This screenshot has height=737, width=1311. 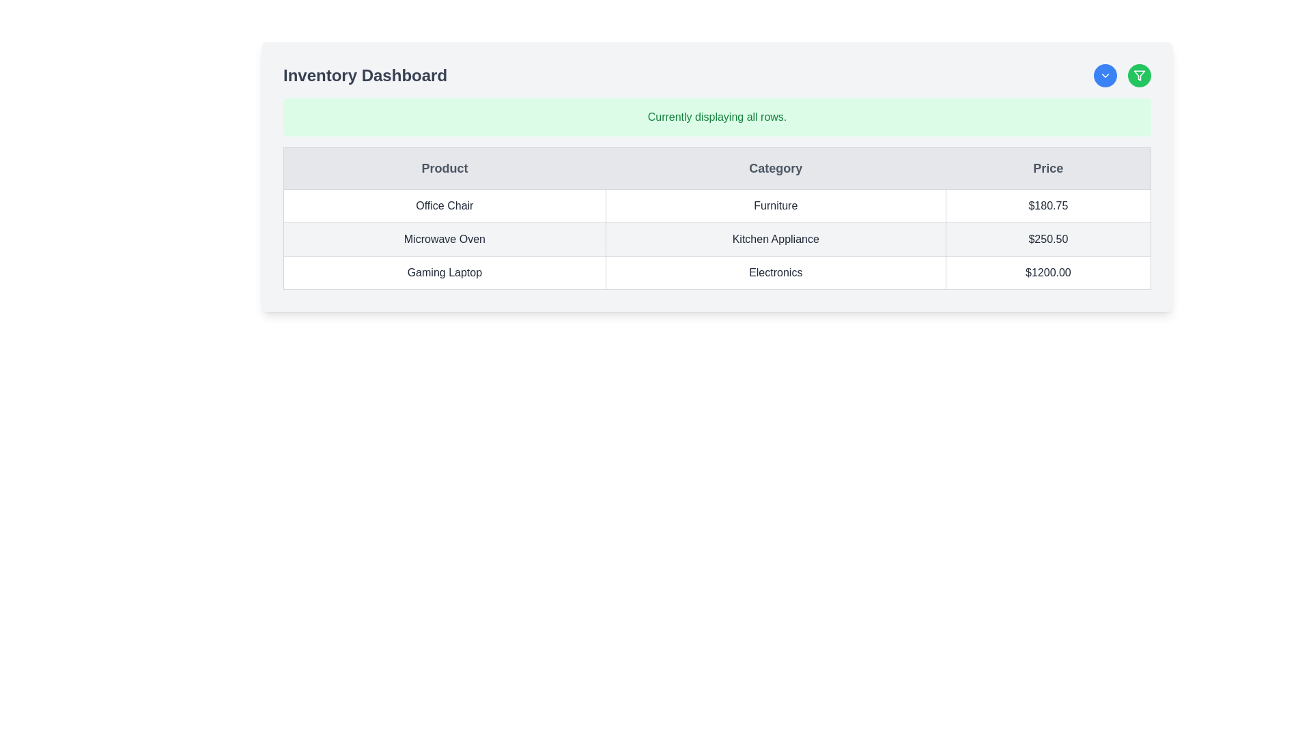 I want to click on the third row of the table displaying the product details for 'Gaming Laptop', 'Electronics', and '$1200.00', so click(x=716, y=273).